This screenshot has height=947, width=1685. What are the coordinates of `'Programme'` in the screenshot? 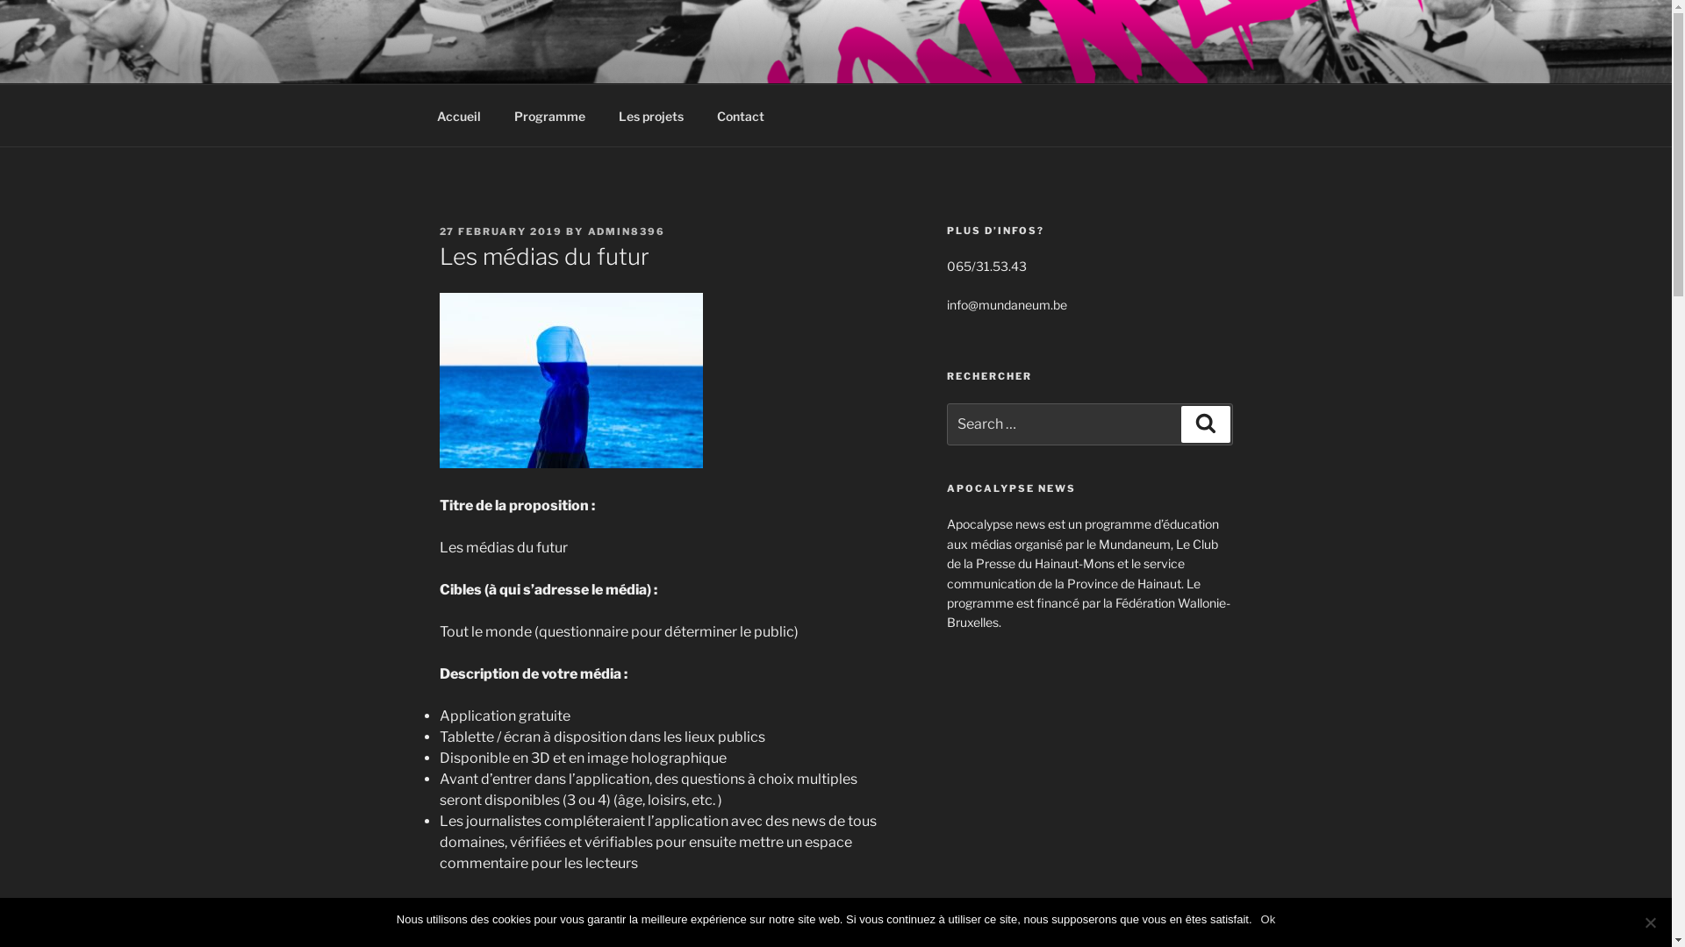 It's located at (548, 116).